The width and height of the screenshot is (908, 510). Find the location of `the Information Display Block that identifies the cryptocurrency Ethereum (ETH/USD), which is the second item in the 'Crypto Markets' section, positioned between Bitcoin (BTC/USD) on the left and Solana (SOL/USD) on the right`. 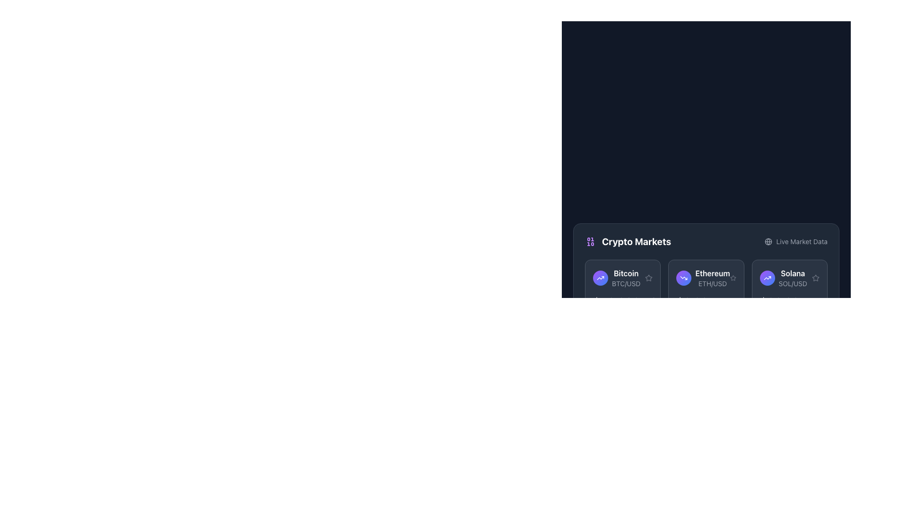

the Information Display Block that identifies the cryptocurrency Ethereum (ETH/USD), which is the second item in the 'Crypto Markets' section, positioned between Bitcoin (BTC/USD) on the left and Solana (SOL/USD) on the right is located at coordinates (713, 278).